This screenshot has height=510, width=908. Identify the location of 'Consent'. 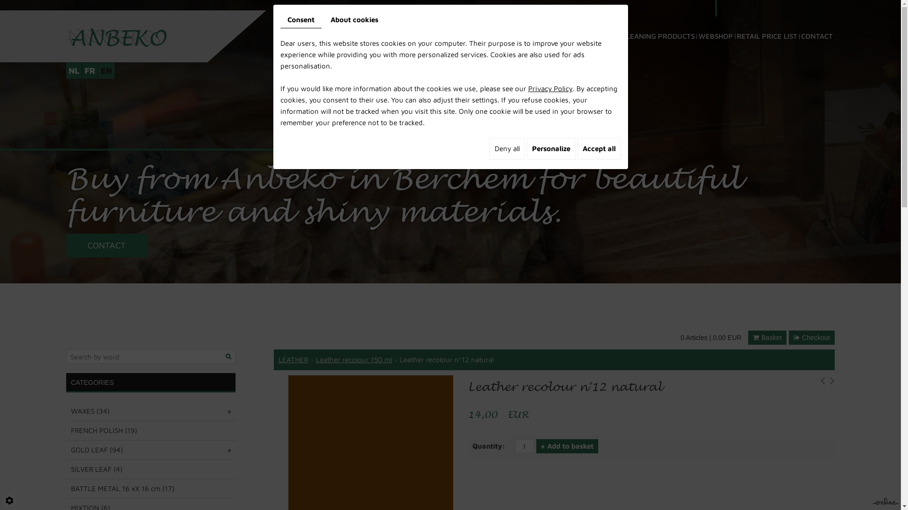
(279, 20).